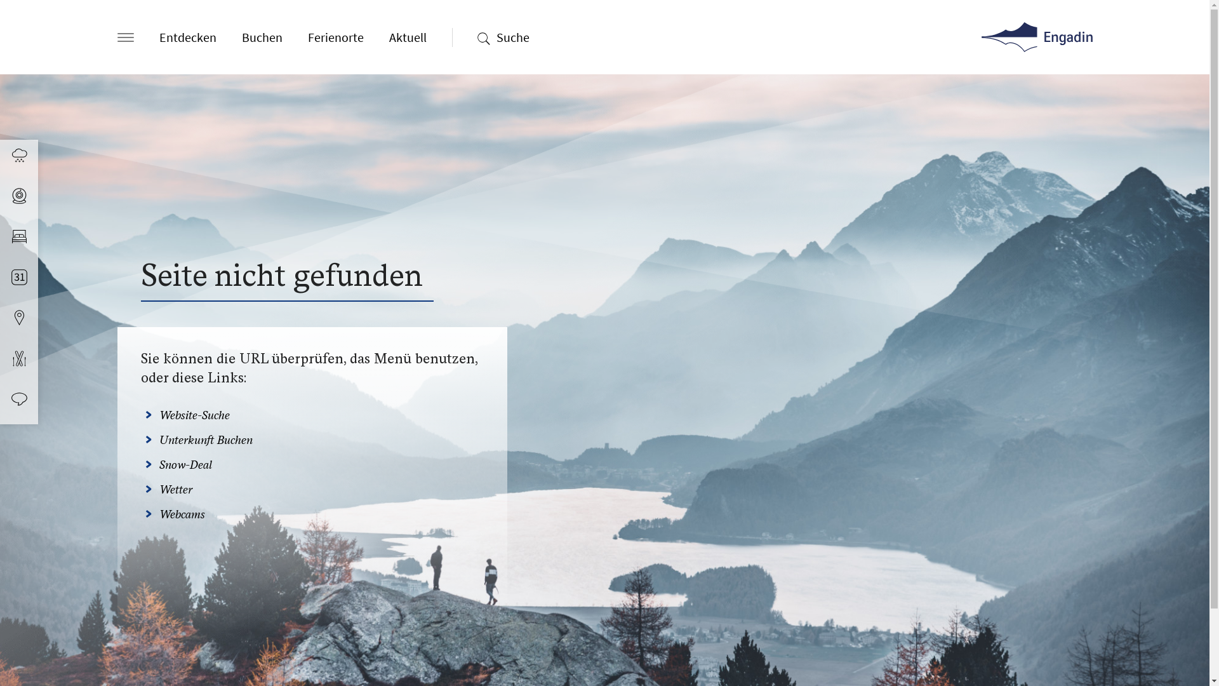  Describe the element at coordinates (186, 36) in the screenshot. I see `'Entdecken'` at that location.